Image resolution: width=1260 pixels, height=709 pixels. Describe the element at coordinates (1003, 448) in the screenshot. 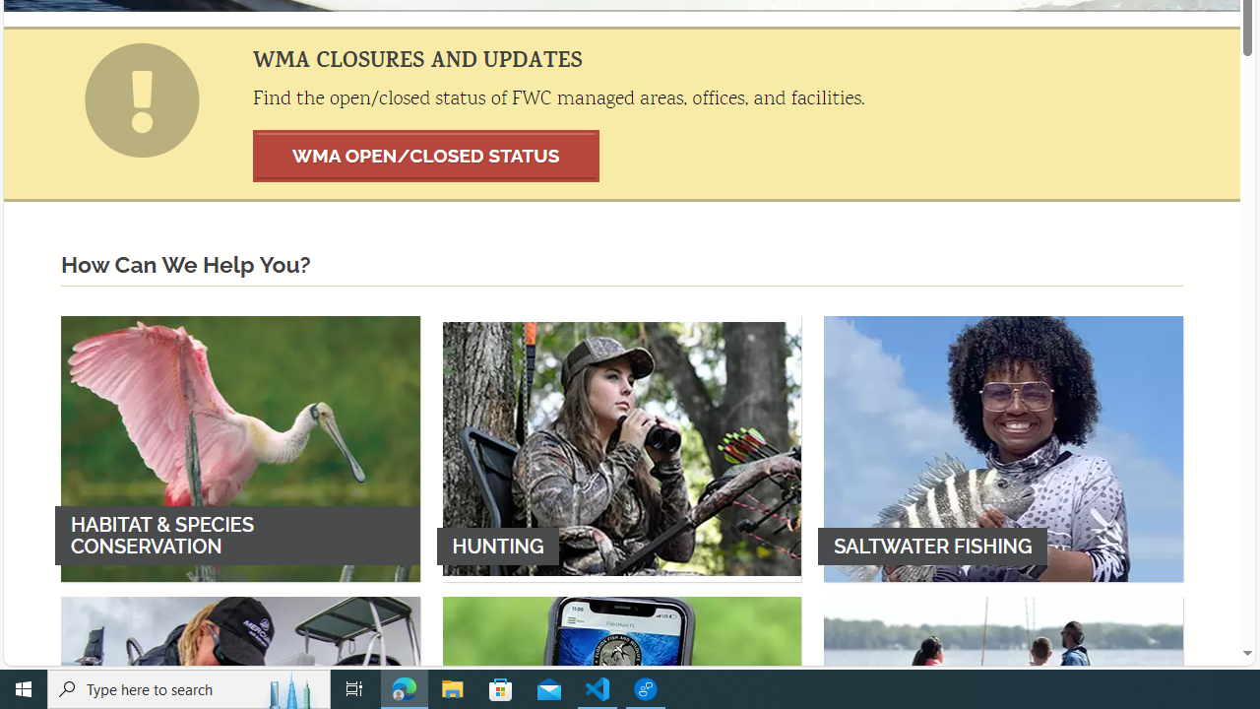

I see `'SALTWATER FISHING'` at that location.